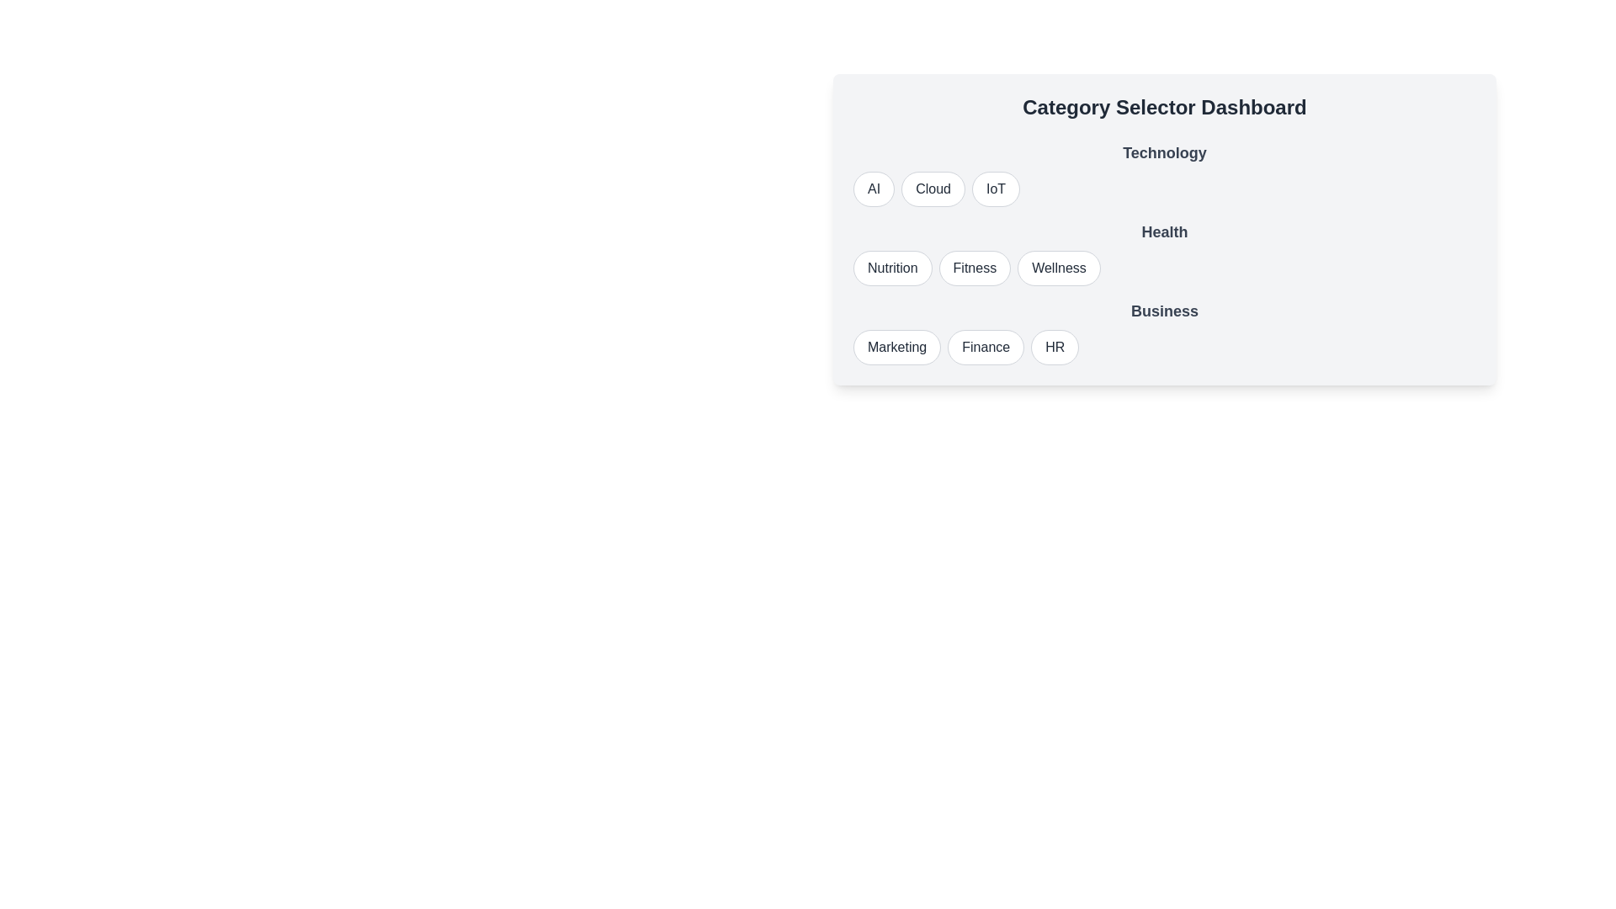 The height and width of the screenshot is (909, 1616). I want to click on the button labeled Finance to observe its visual change, so click(986, 346).